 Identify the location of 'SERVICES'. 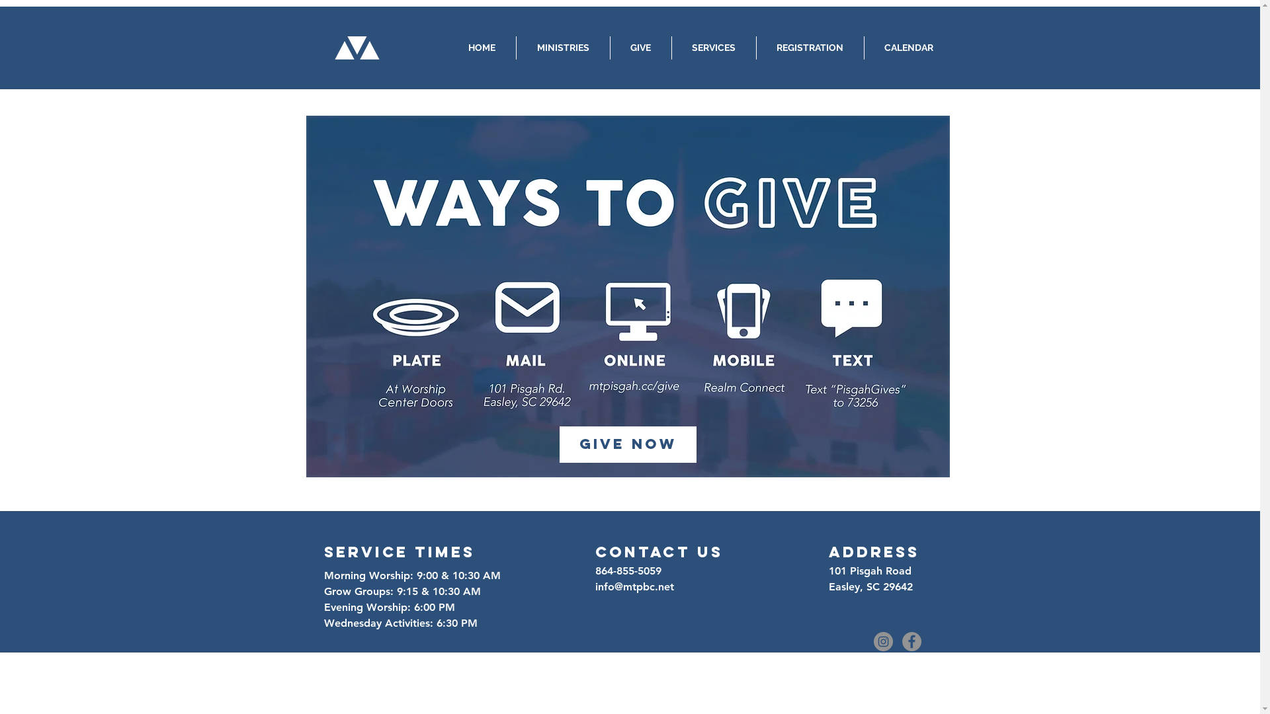
(713, 47).